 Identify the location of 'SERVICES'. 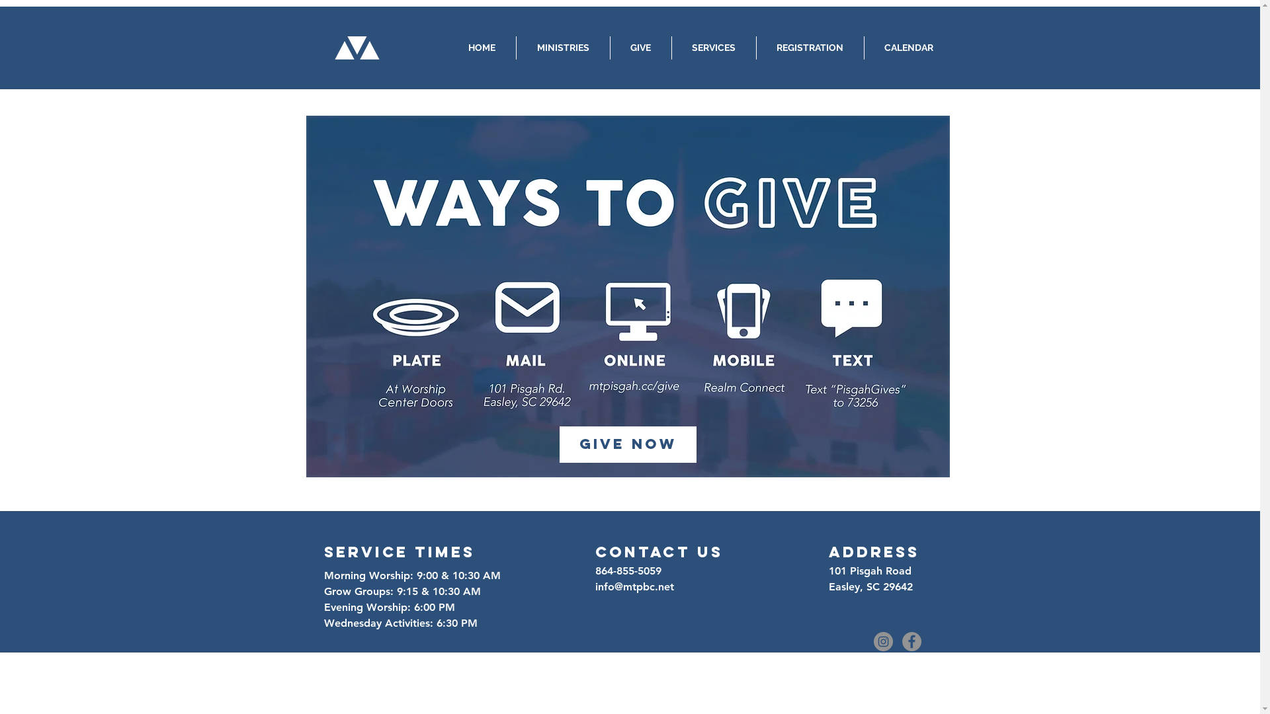
(713, 47).